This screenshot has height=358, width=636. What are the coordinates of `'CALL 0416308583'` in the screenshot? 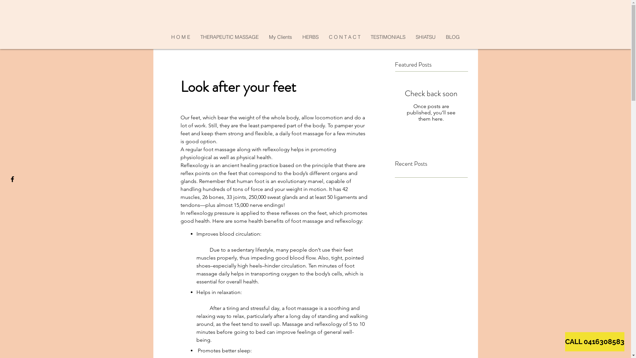 It's located at (595, 341).